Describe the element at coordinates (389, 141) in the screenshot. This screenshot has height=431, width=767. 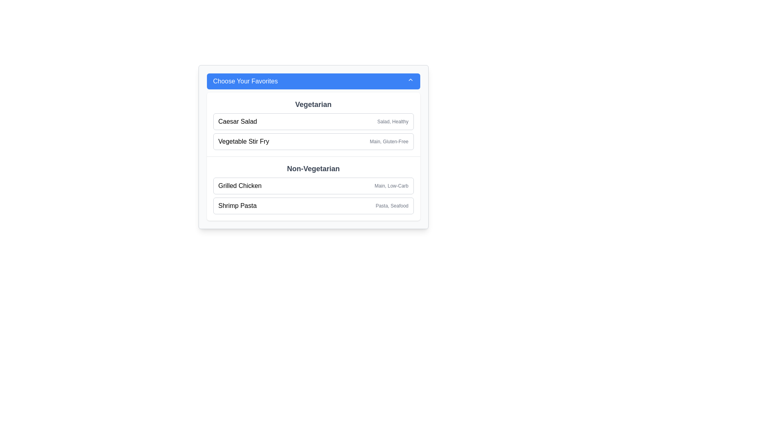
I see `text label providing additional details about the dish 'Vegetable Stir Fry' located in the 'Vegetarian' section of the menu interface, positioned to the far right of the corresponding row` at that location.